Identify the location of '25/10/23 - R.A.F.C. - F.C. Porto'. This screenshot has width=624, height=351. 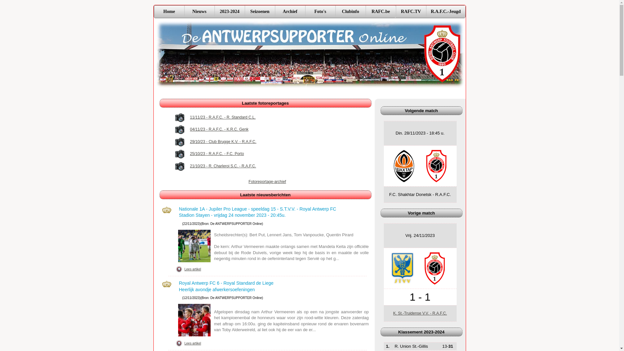
(217, 154).